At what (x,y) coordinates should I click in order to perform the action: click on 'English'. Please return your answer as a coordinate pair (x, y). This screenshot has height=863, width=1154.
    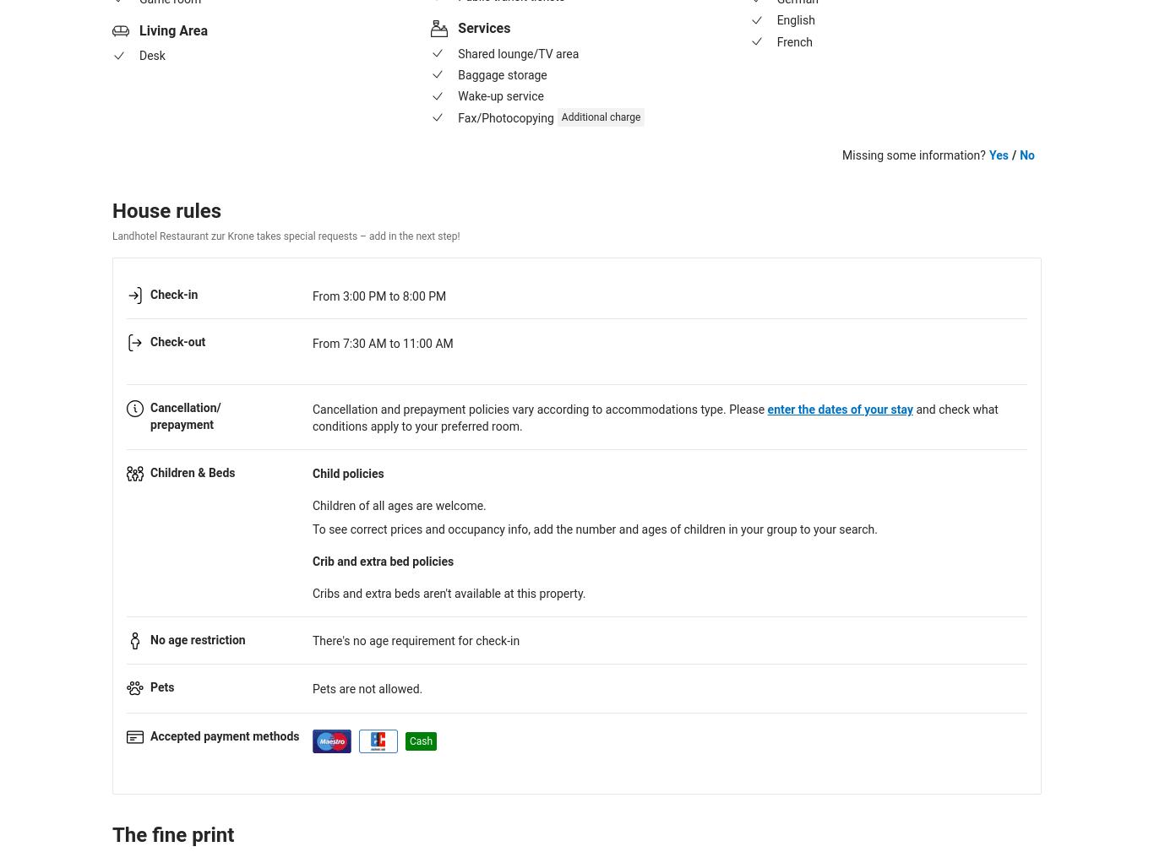
    Looking at the image, I should click on (795, 19).